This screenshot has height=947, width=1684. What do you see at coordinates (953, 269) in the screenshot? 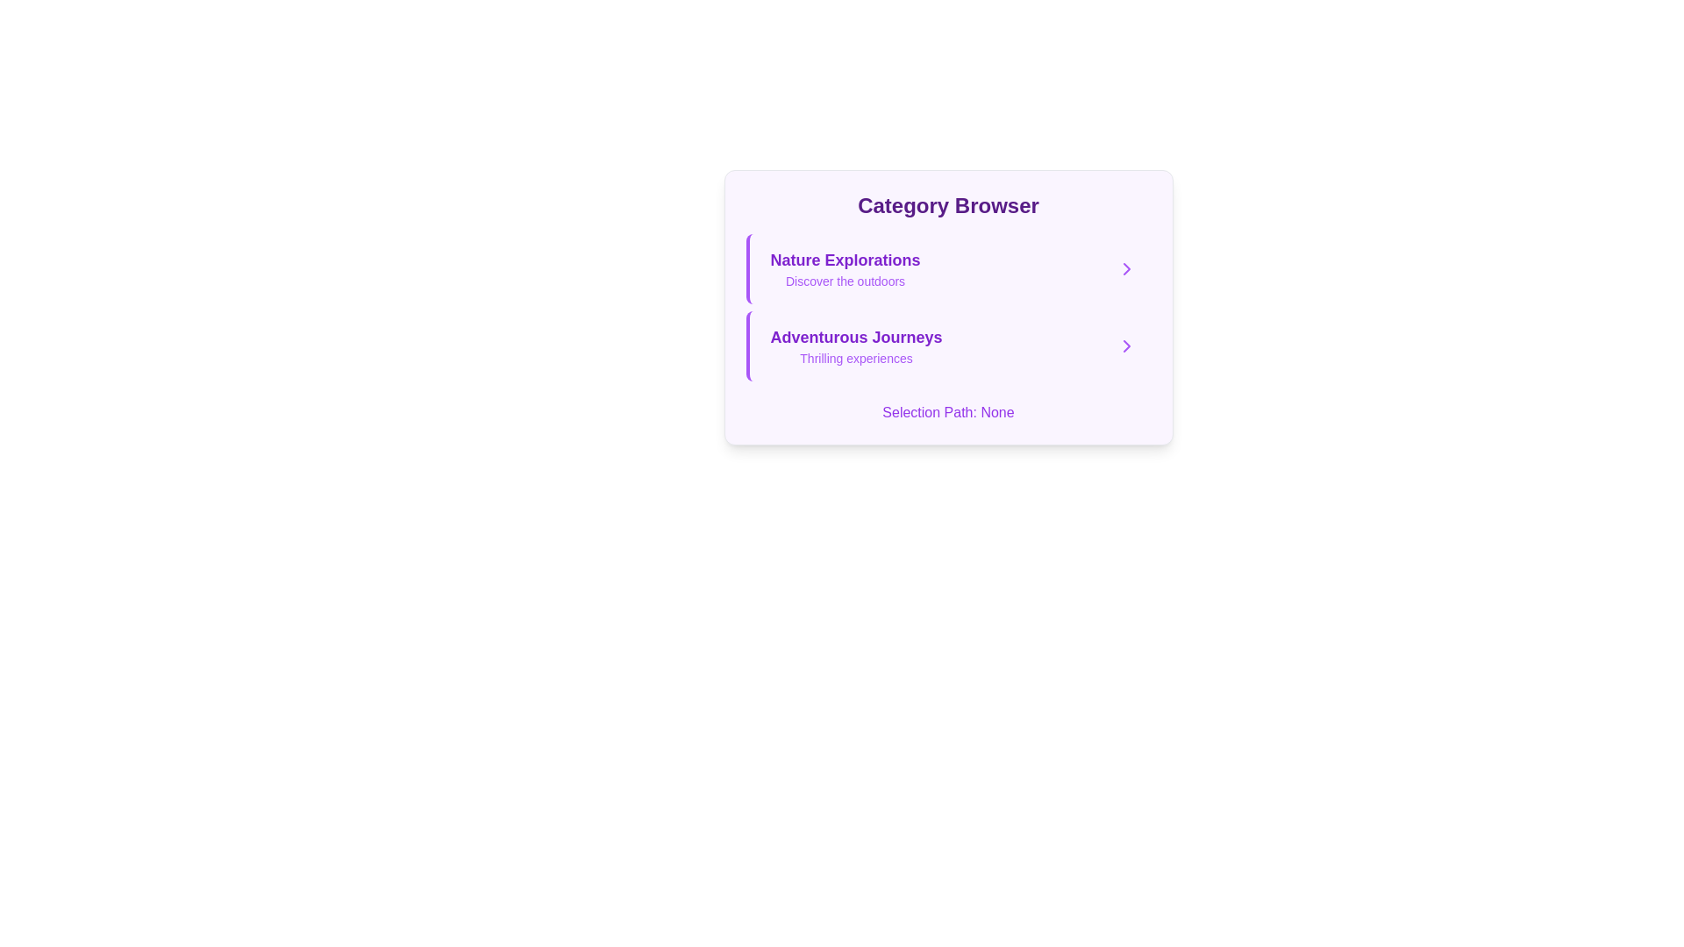
I see `the 'Nature Explorations' category element for accessibility support by moving the cursor over it` at bounding box center [953, 269].